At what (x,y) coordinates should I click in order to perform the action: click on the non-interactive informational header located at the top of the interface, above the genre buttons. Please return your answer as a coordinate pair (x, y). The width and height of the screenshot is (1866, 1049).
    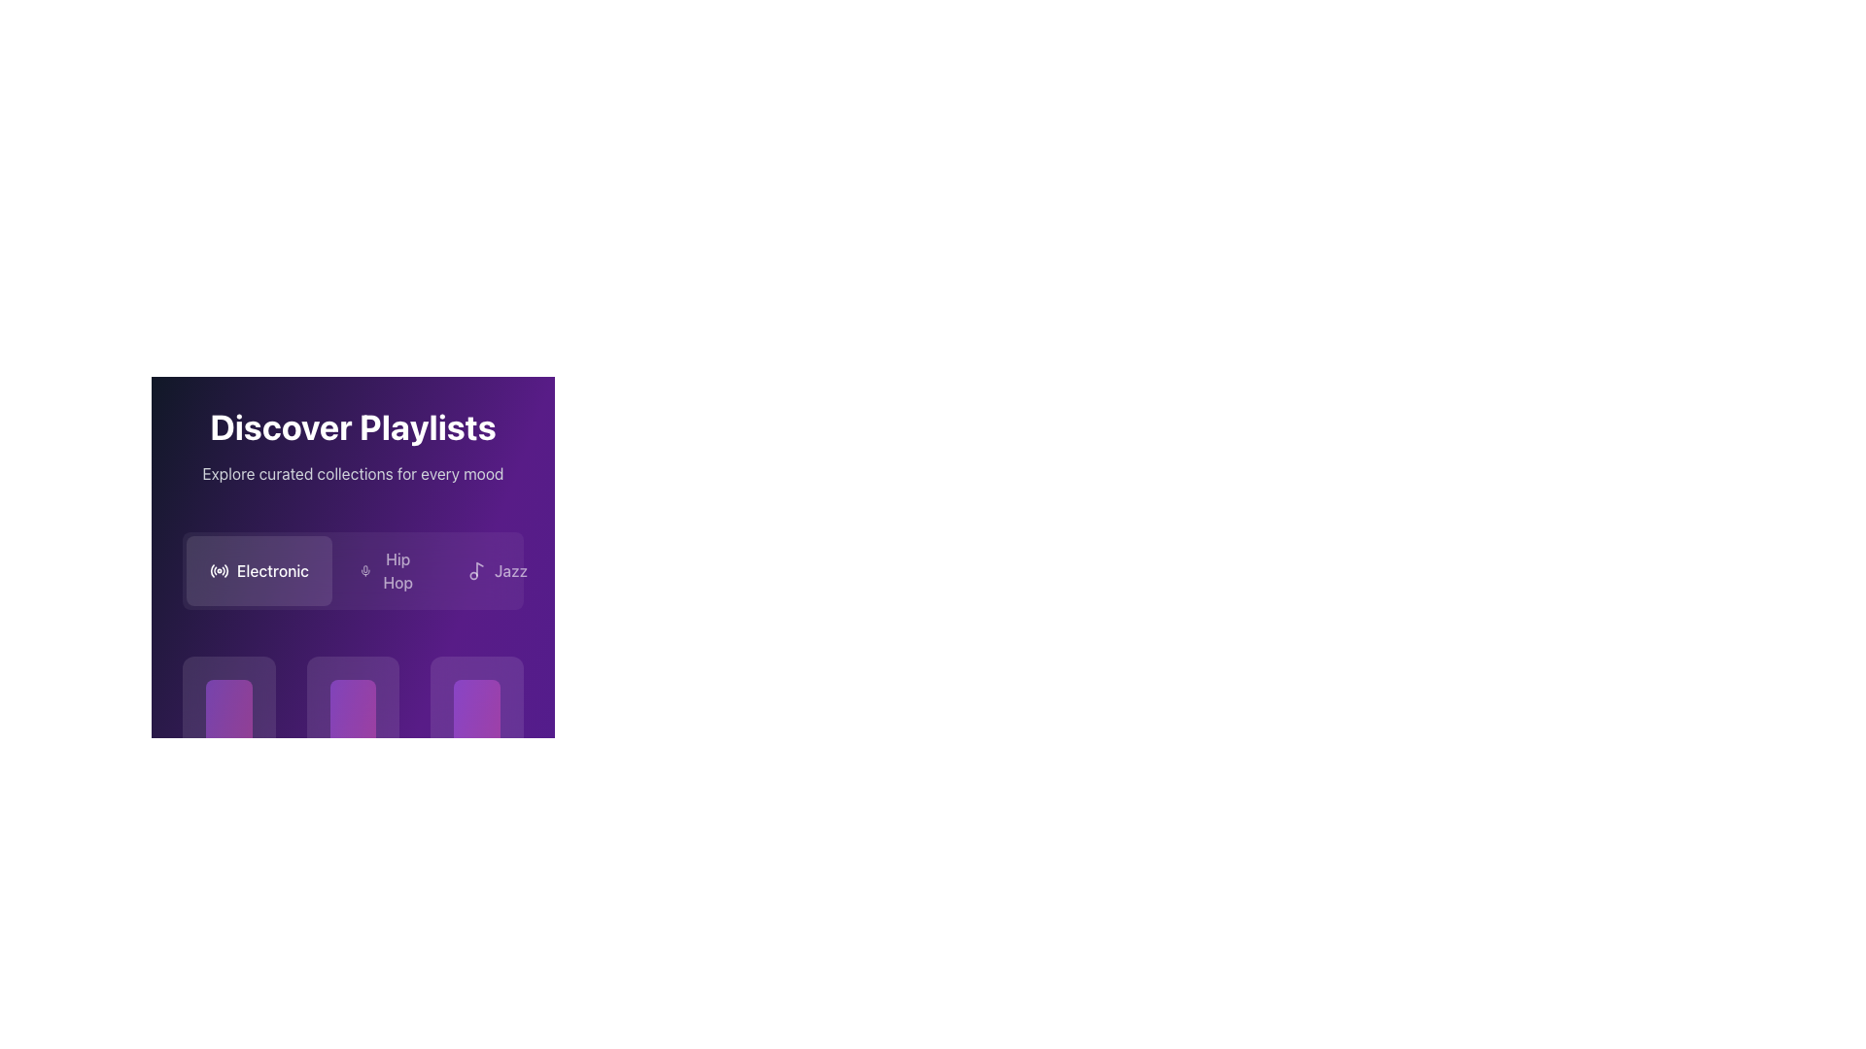
    Looking at the image, I should click on (353, 446).